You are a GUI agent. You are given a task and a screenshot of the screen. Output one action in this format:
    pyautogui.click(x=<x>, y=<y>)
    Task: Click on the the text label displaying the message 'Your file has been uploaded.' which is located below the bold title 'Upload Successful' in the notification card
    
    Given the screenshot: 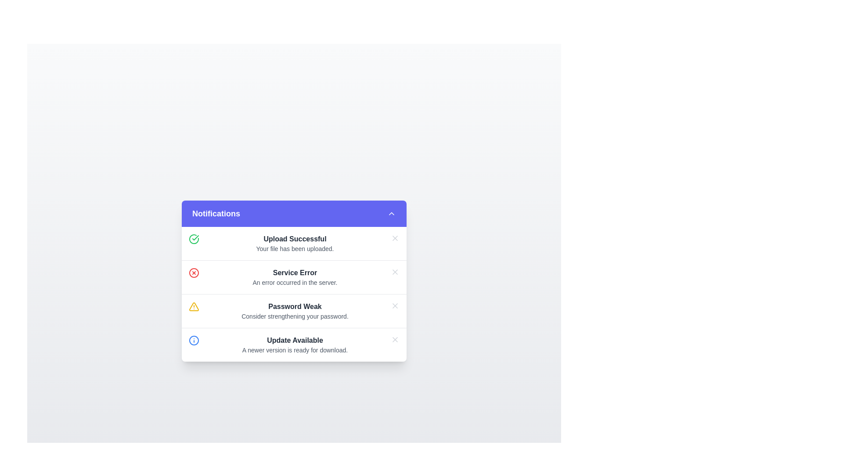 What is the action you would take?
    pyautogui.click(x=295, y=248)
    